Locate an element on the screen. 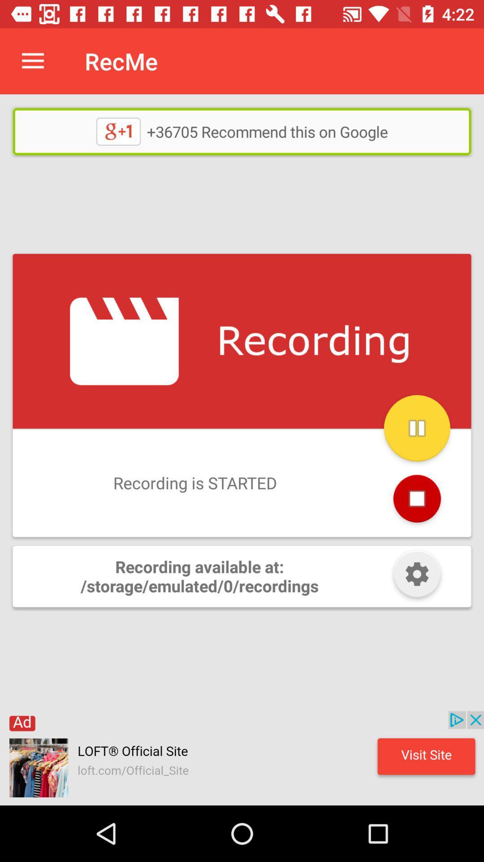 The width and height of the screenshot is (484, 862). opening settings is located at coordinates (417, 576).